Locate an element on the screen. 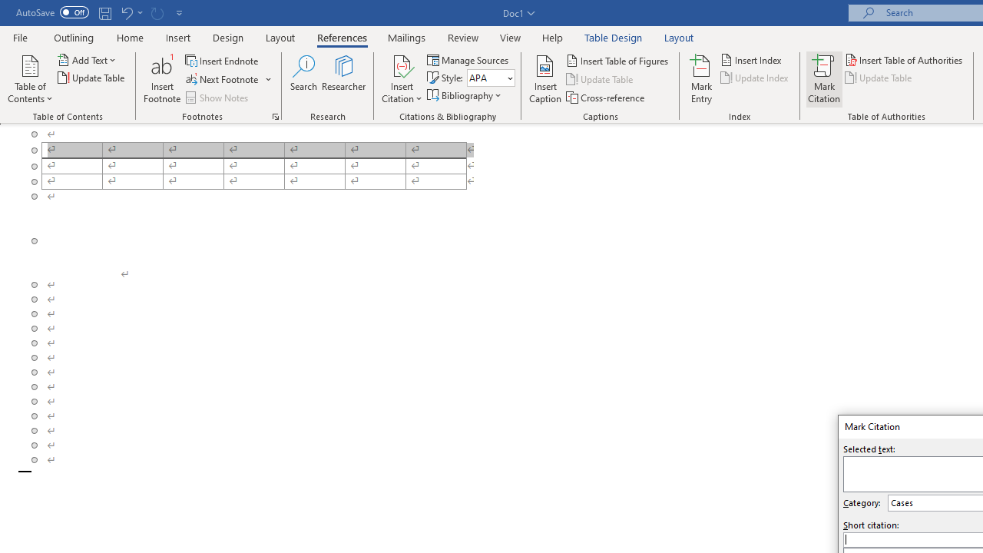 The height and width of the screenshot is (553, 983). 'Update Table...' is located at coordinates (91, 78).